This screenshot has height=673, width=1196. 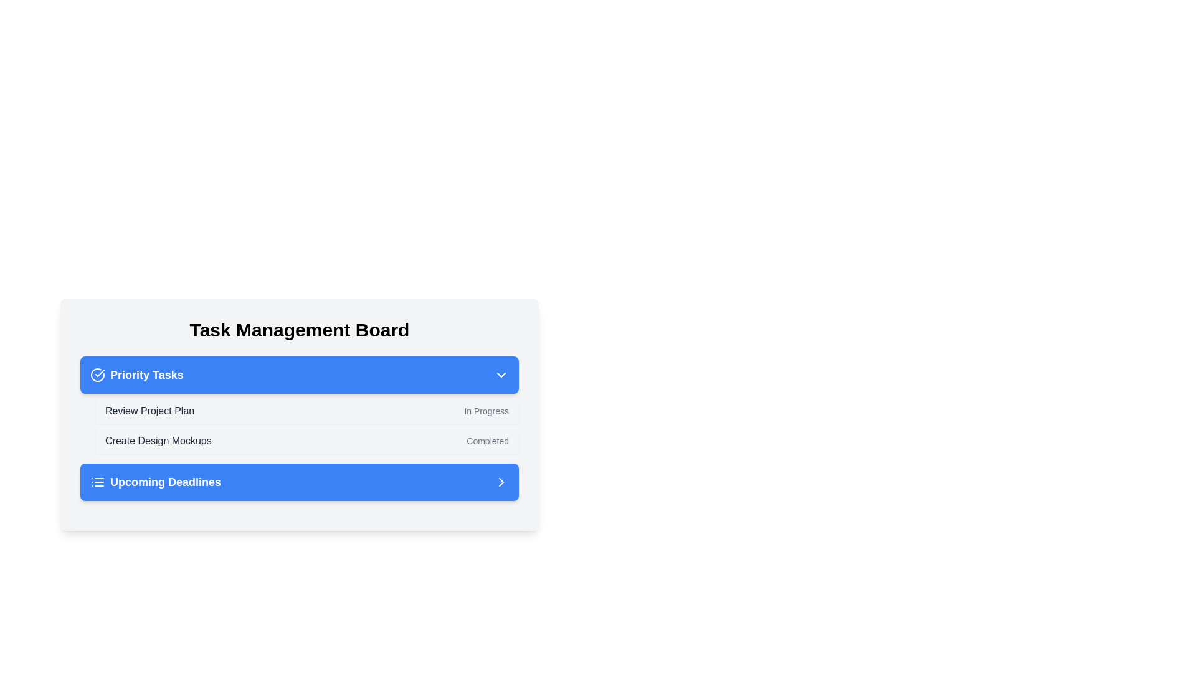 What do you see at coordinates (307, 411) in the screenshot?
I see `the task item labeled 'Review Project Plan'` at bounding box center [307, 411].